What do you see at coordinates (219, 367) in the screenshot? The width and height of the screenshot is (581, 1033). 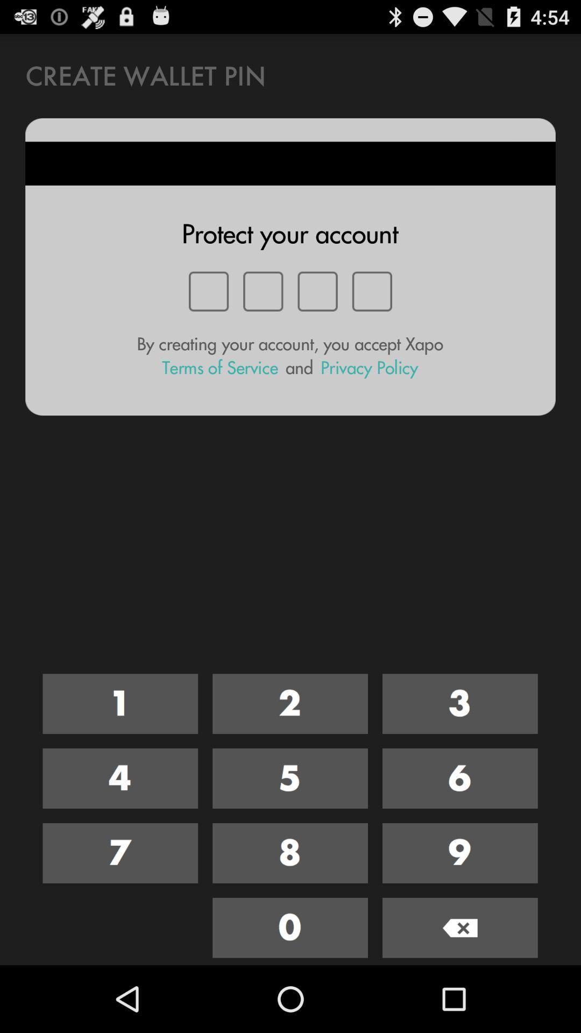 I see `the item below by creating your item` at bounding box center [219, 367].